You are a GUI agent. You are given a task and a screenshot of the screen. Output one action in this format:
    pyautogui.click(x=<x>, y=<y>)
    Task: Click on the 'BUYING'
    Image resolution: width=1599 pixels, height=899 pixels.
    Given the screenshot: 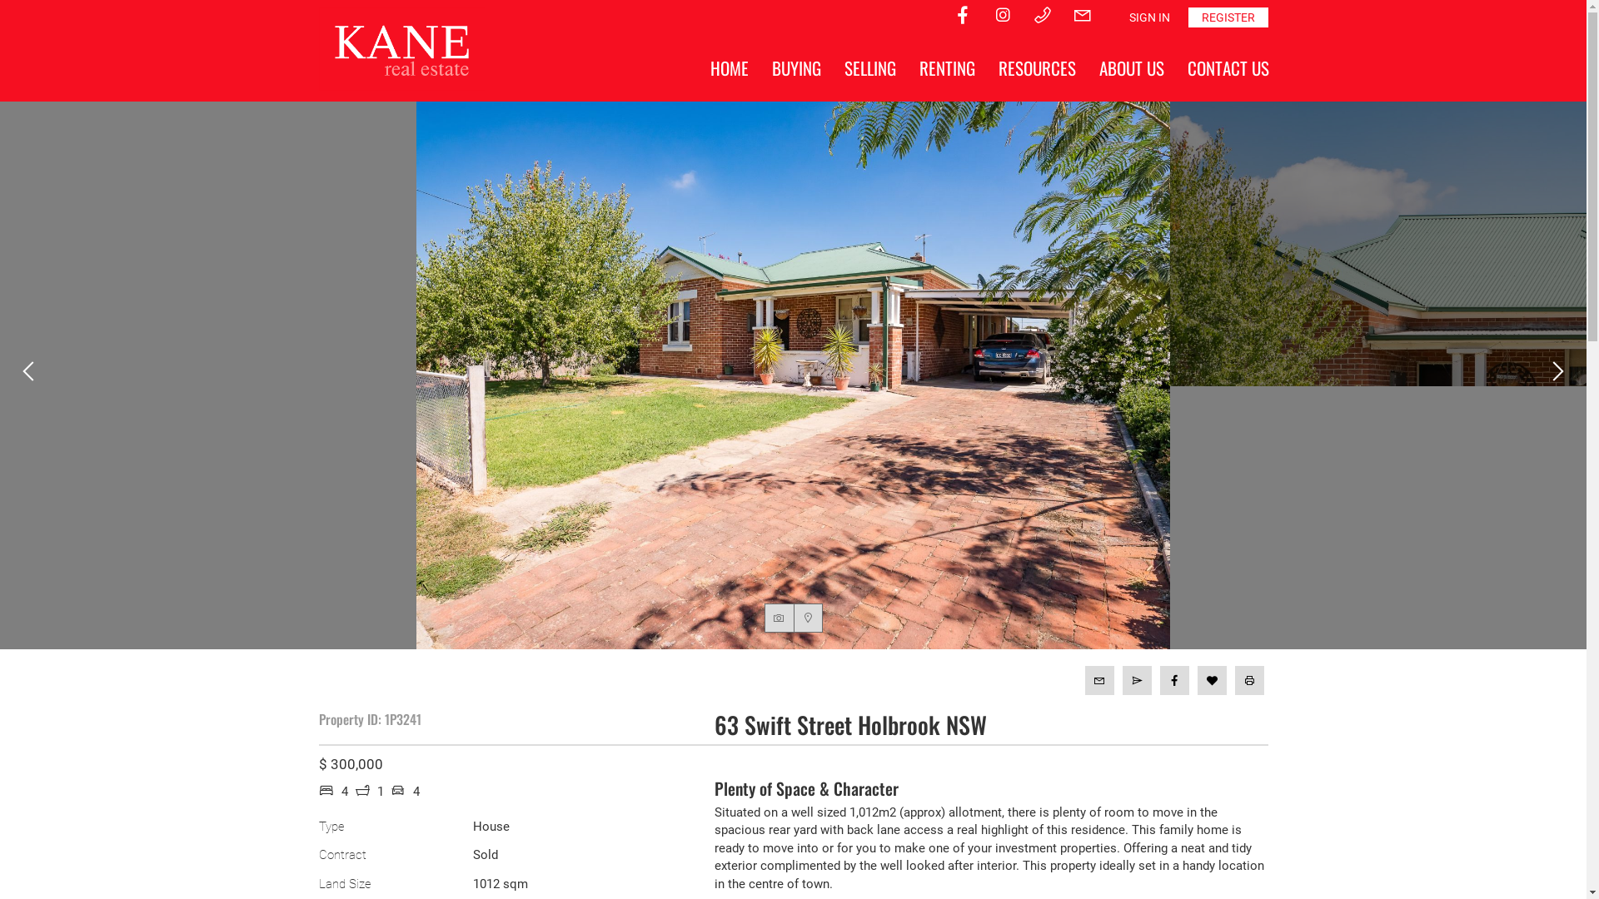 What is the action you would take?
    pyautogui.click(x=795, y=67)
    